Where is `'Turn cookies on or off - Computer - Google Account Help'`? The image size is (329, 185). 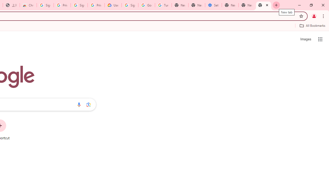 'Turn cookies on or off - Computer - Google Account Help' is located at coordinates (163, 5).